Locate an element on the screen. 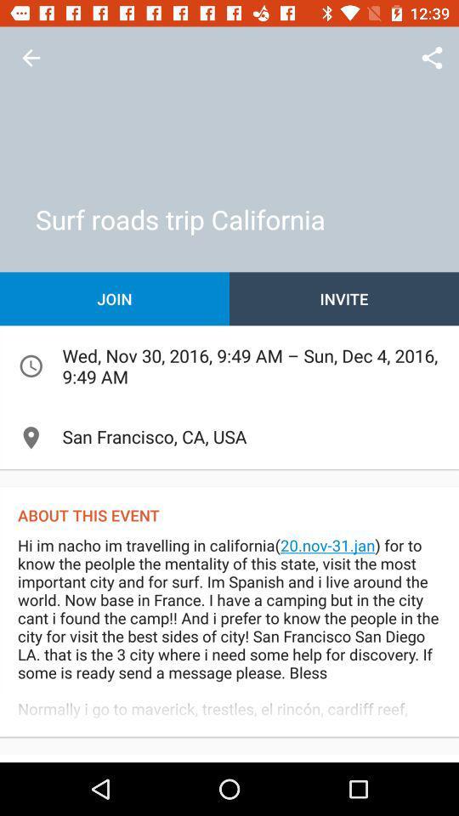 The image size is (459, 816). icon on the right is located at coordinates (344, 298).